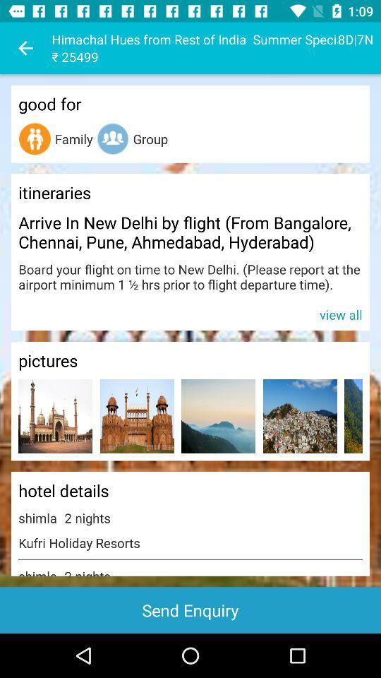 The width and height of the screenshot is (381, 678). I want to click on open up picture, so click(54, 416).